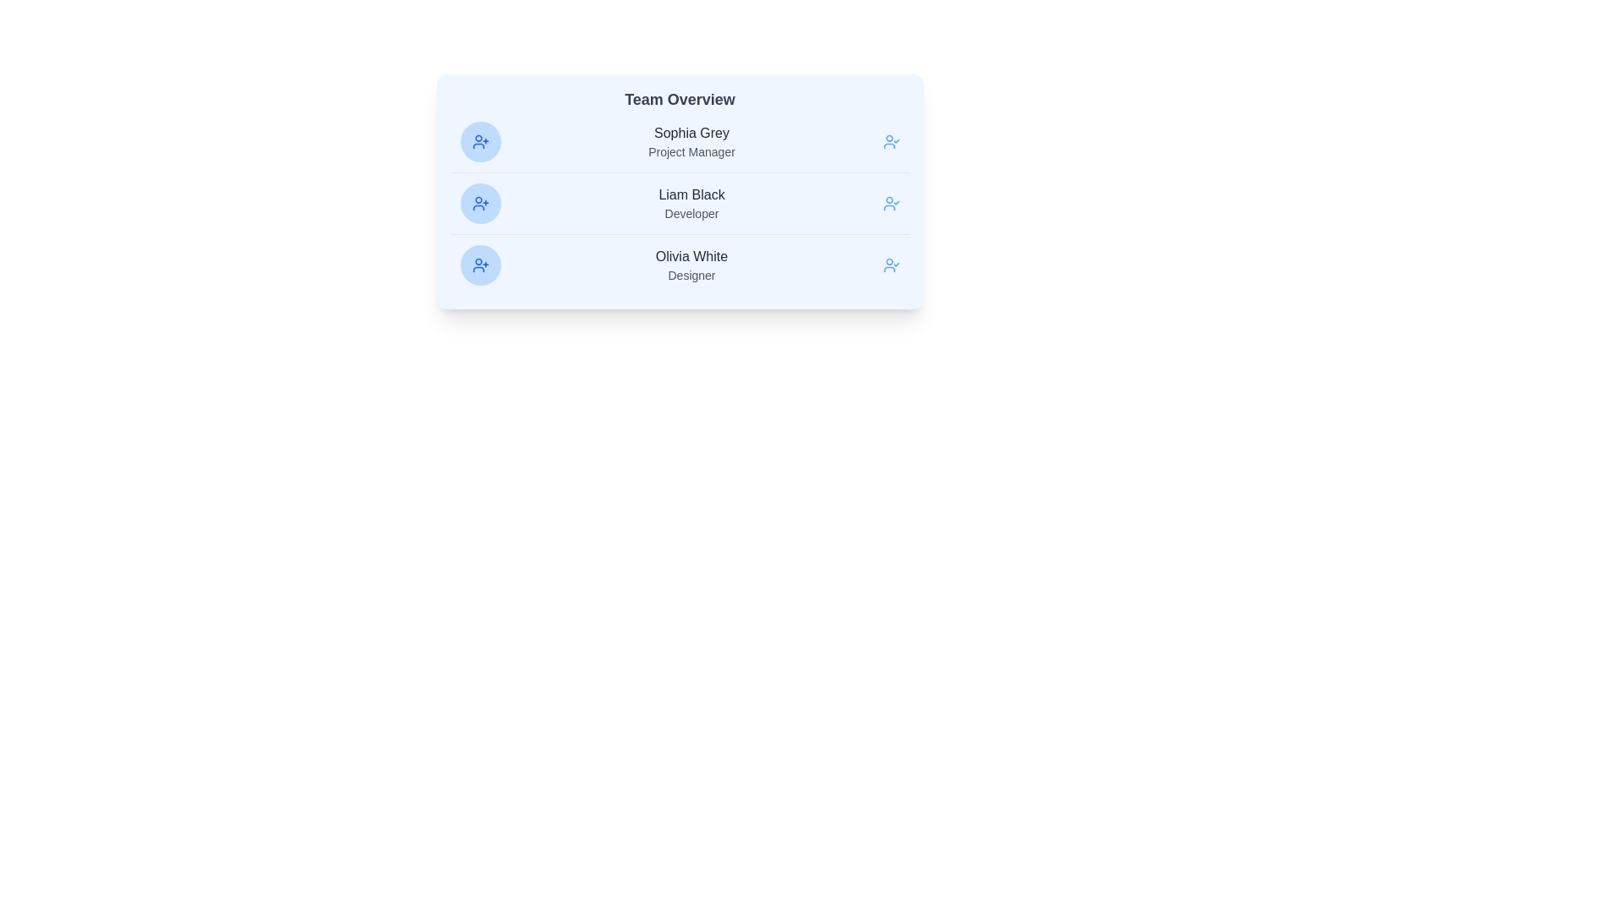  I want to click on the 'add user' icon located in the lower left corner of the third row next to the text 'Olivia White, Designer' to initiate the action associated with it, so click(479, 265).